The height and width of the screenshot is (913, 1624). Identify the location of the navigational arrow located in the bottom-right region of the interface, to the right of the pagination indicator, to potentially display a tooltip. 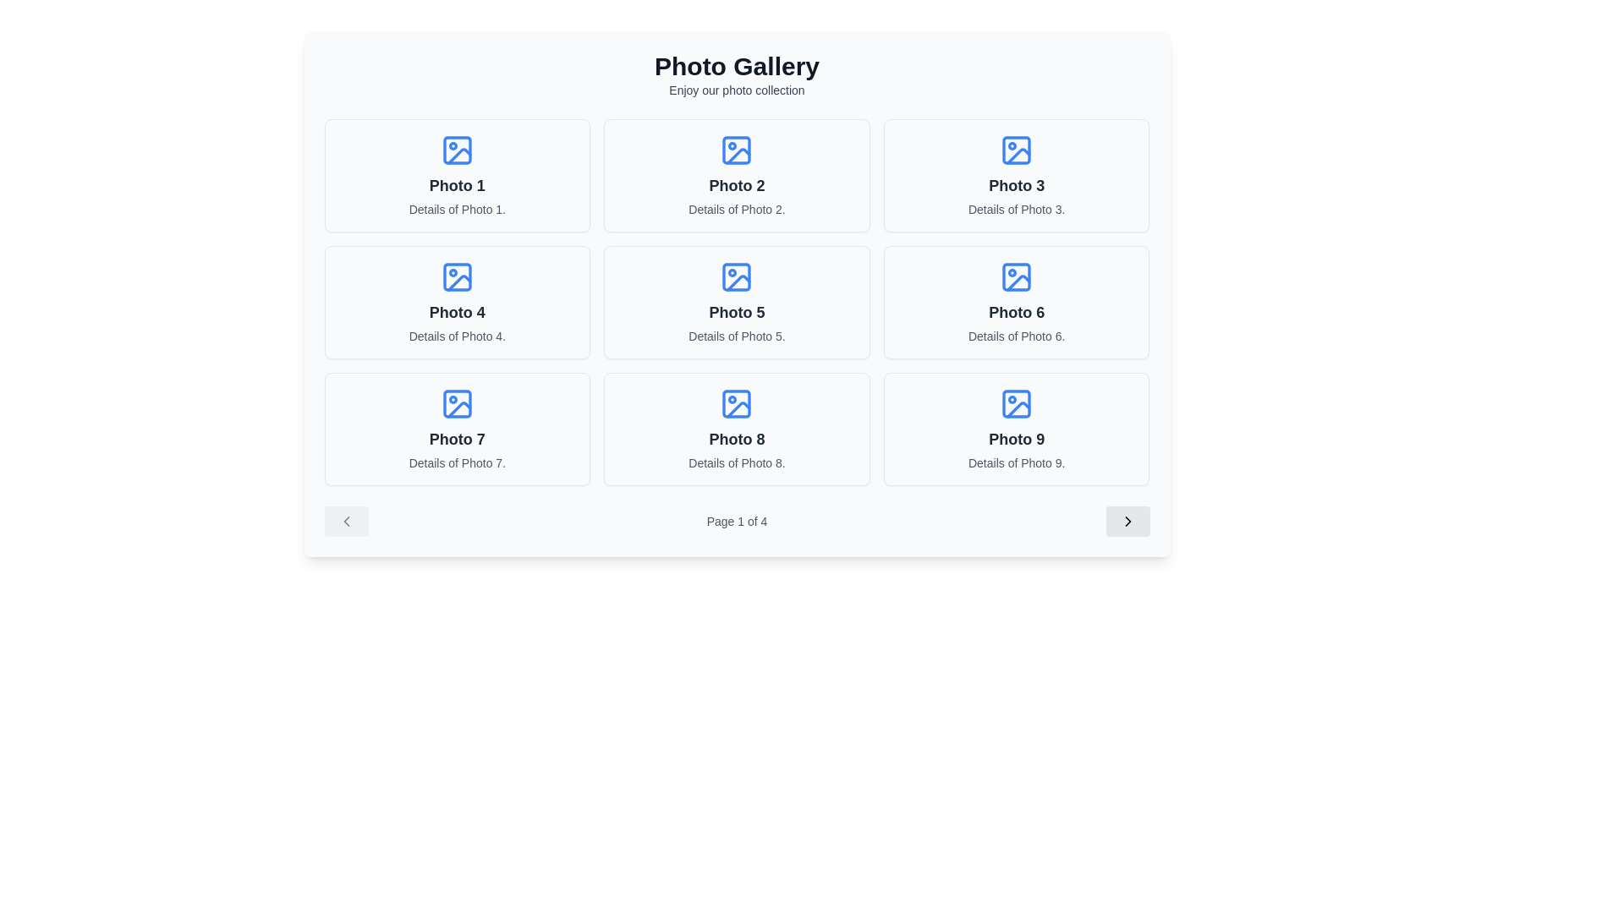
(1127, 521).